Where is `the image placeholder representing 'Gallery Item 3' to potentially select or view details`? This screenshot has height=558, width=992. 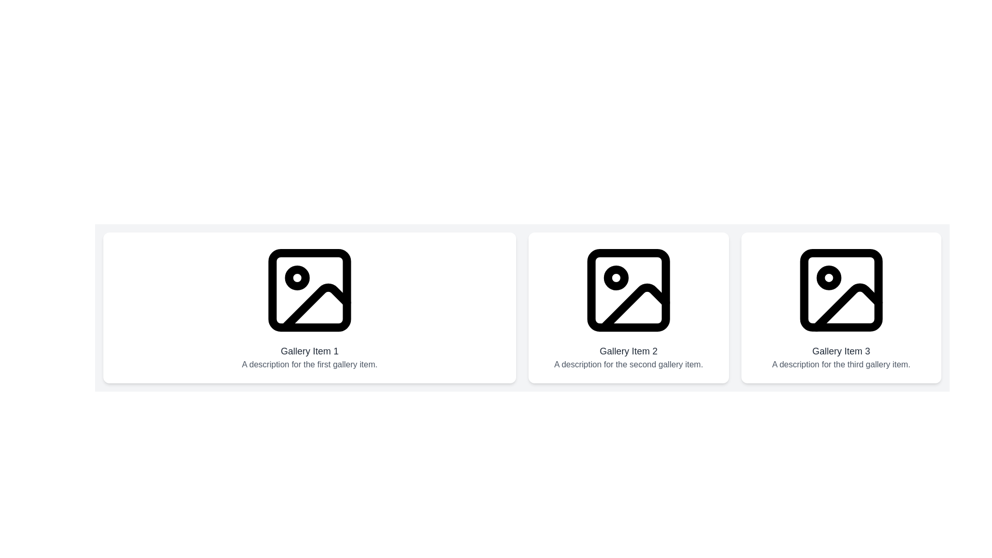 the image placeholder representing 'Gallery Item 3' to potentially select or view details is located at coordinates (841, 290).